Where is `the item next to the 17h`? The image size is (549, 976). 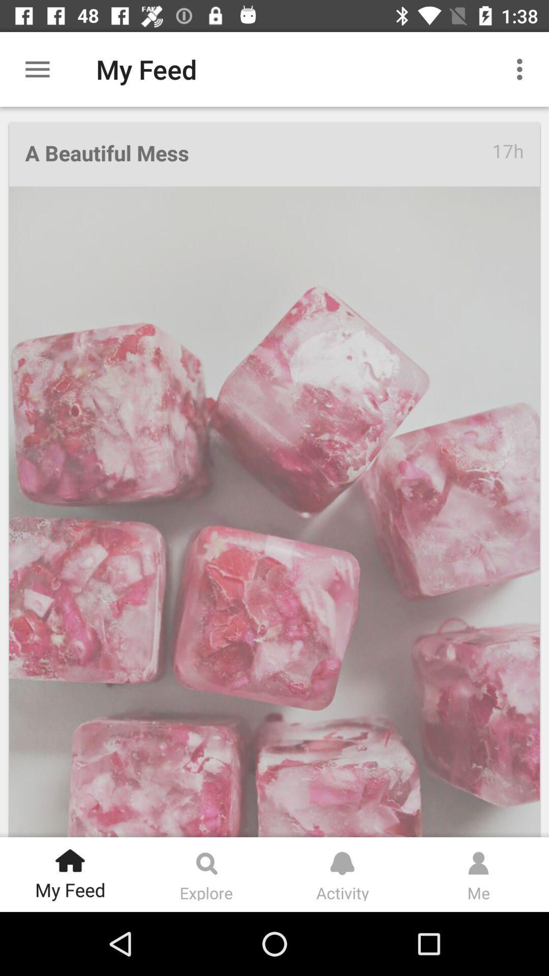
the item next to the 17h is located at coordinates (258, 154).